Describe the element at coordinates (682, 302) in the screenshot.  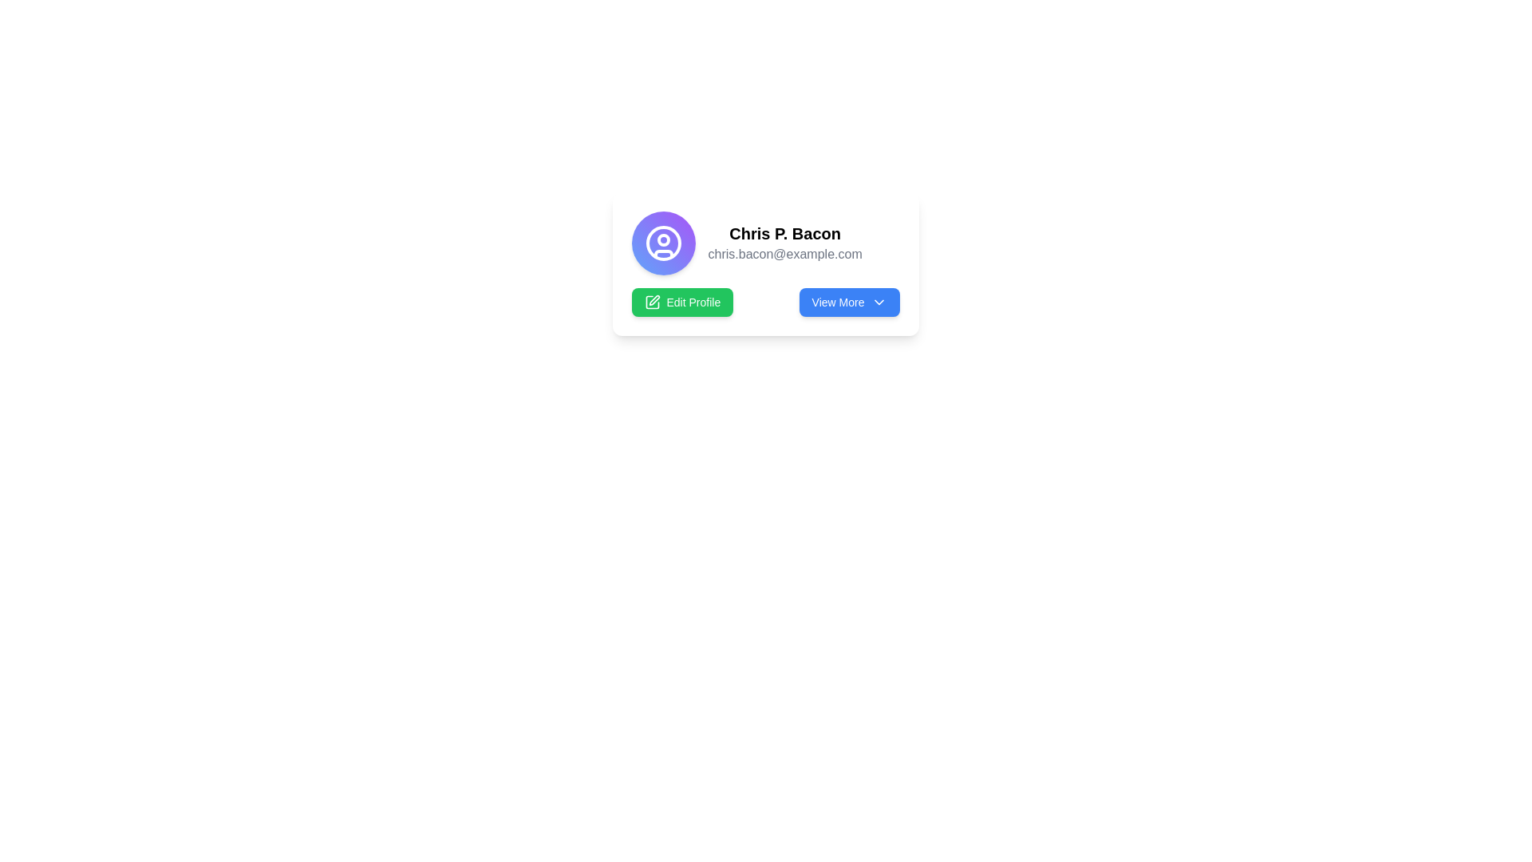
I see `the button with a vibrant green background labeled 'Edit Profile', which features a white pen icon on its left and is located below the user profile information` at that location.